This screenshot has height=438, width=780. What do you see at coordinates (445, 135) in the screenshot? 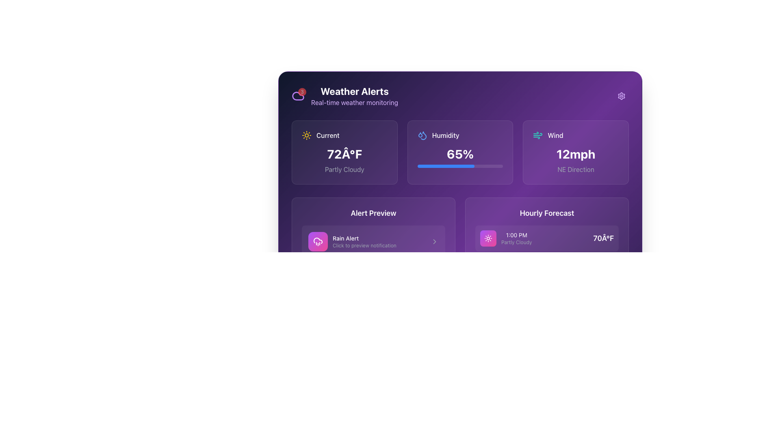
I see `the 'Humidity' label displayed in white font on a dark purple background, located within the second card of three, positioned above a numerical percentage value` at bounding box center [445, 135].